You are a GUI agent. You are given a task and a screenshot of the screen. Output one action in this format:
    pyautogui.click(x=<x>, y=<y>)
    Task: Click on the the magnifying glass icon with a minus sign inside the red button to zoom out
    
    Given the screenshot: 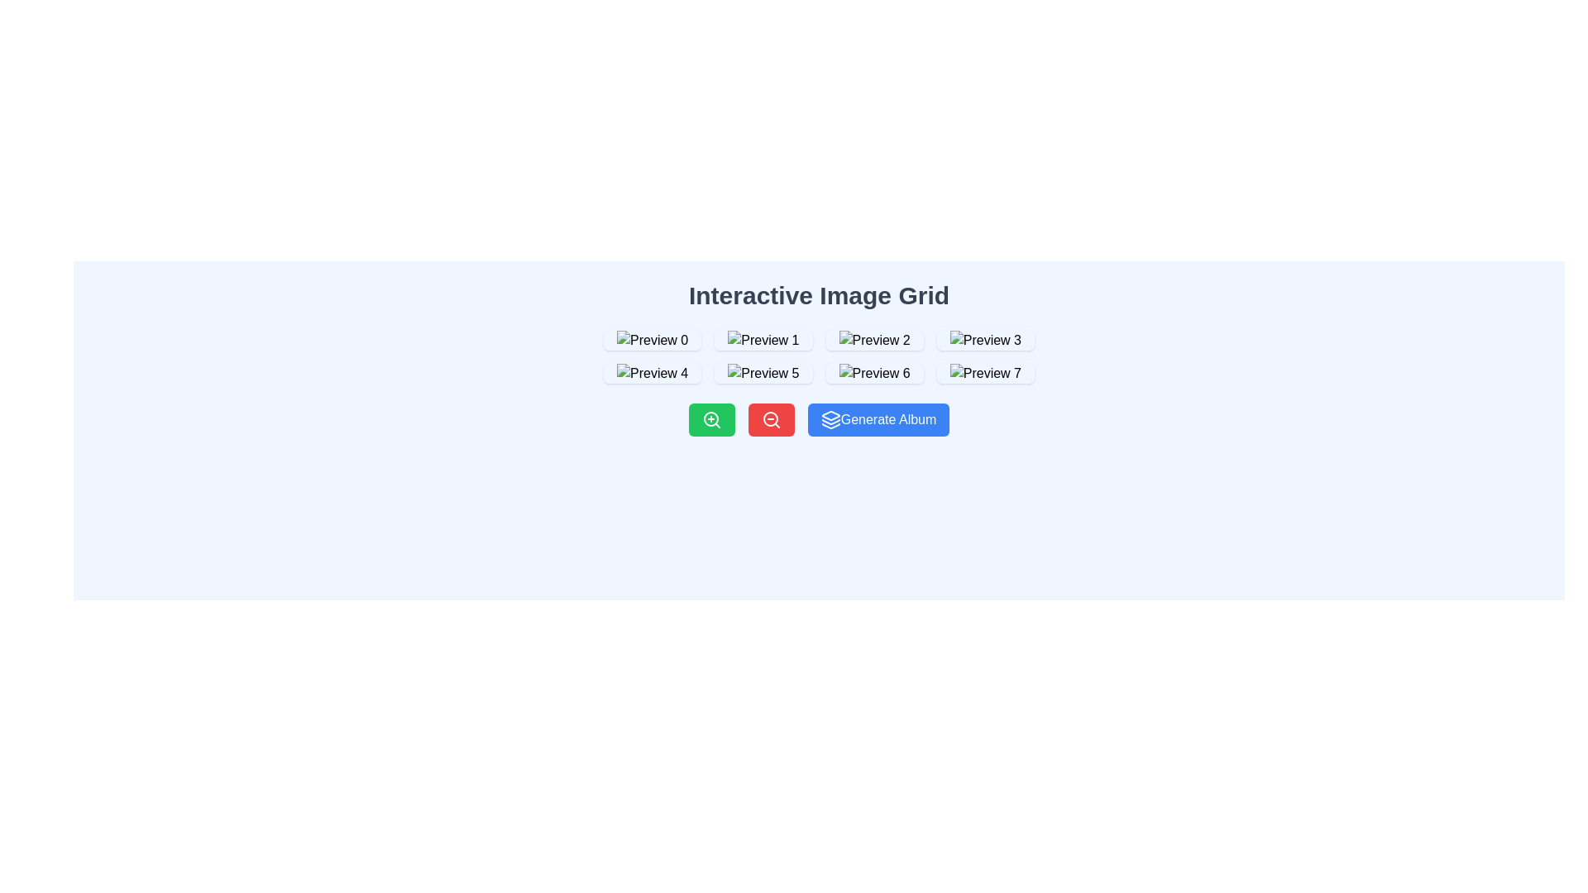 What is the action you would take?
    pyautogui.click(x=770, y=419)
    